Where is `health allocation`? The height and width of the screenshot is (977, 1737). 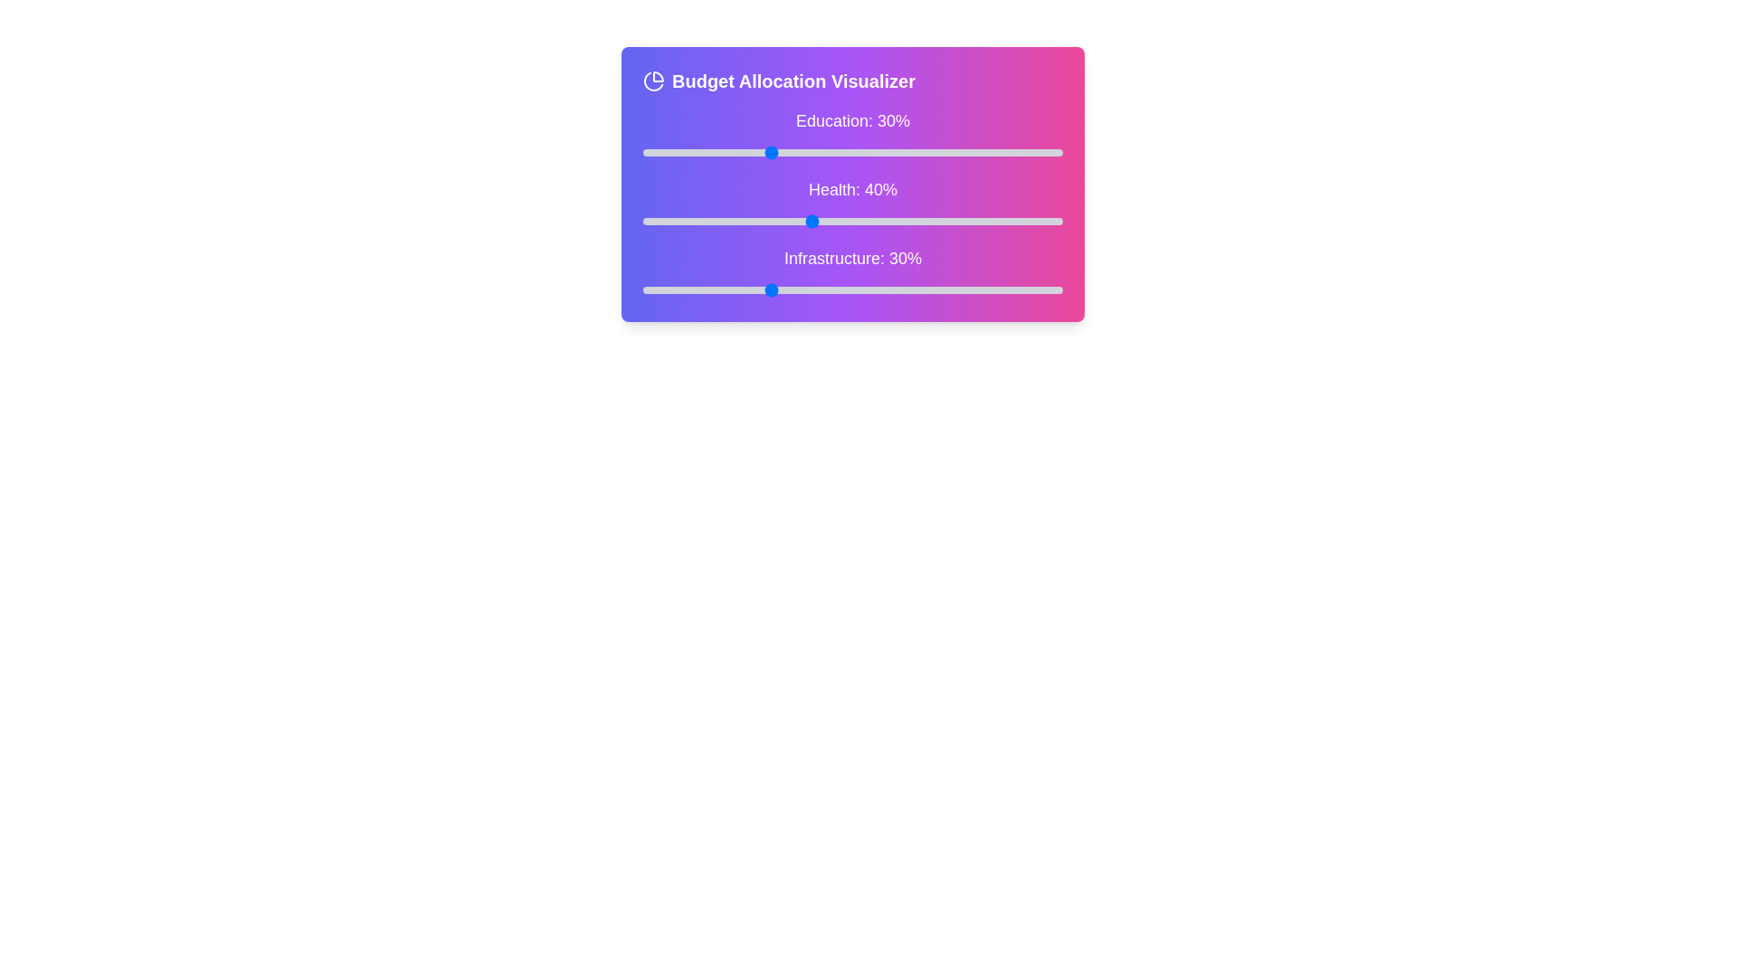
health allocation is located at coordinates (831, 221).